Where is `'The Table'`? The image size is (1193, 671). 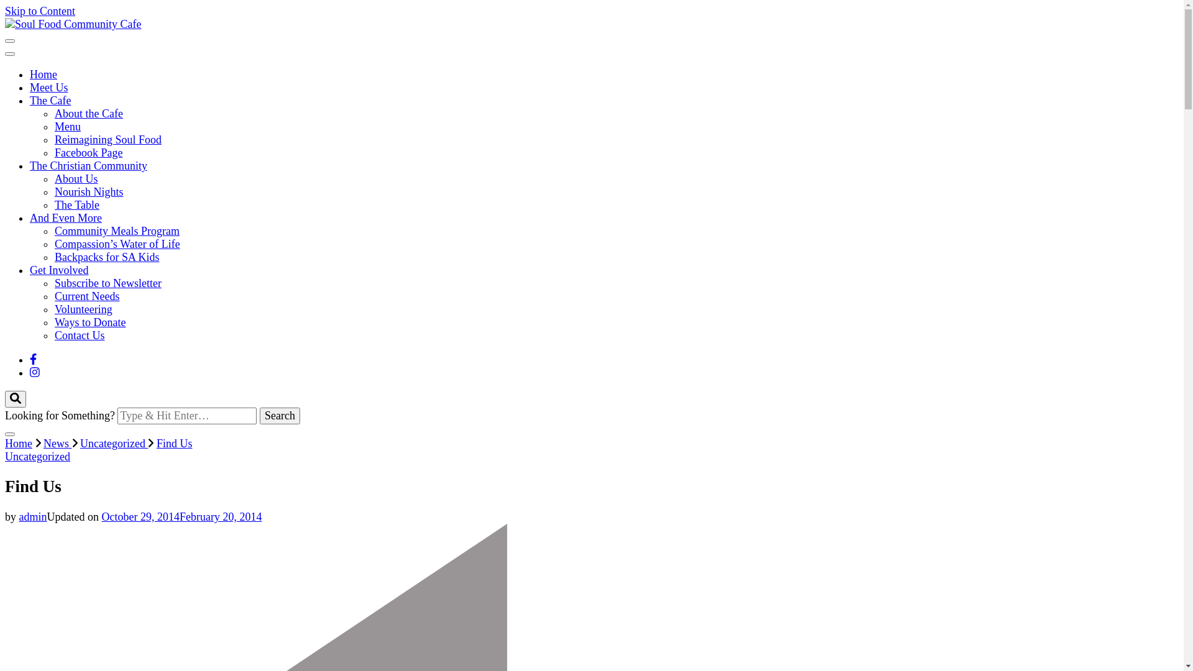
'The Table' is located at coordinates (76, 204).